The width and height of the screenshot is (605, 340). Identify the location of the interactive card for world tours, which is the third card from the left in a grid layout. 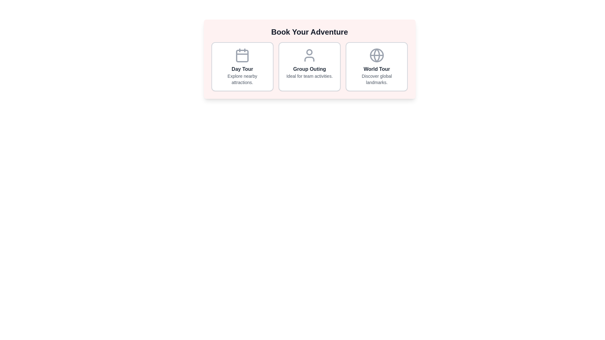
(377, 67).